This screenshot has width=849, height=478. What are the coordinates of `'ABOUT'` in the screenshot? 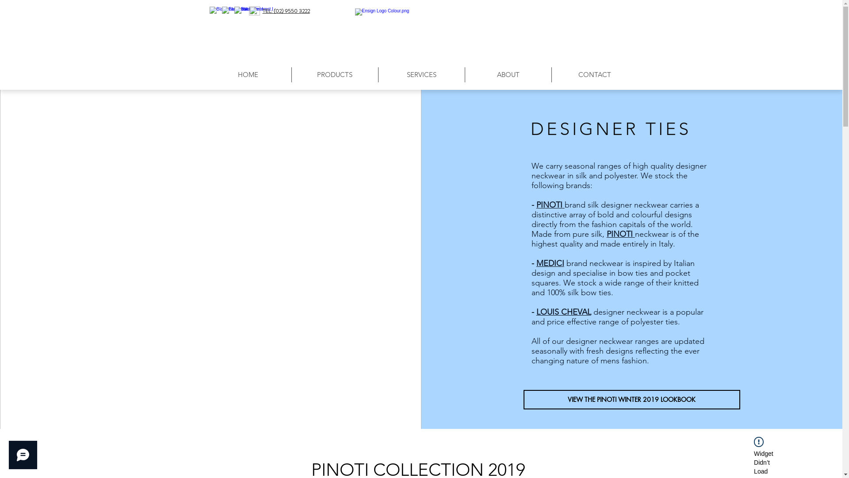 It's located at (507, 74).